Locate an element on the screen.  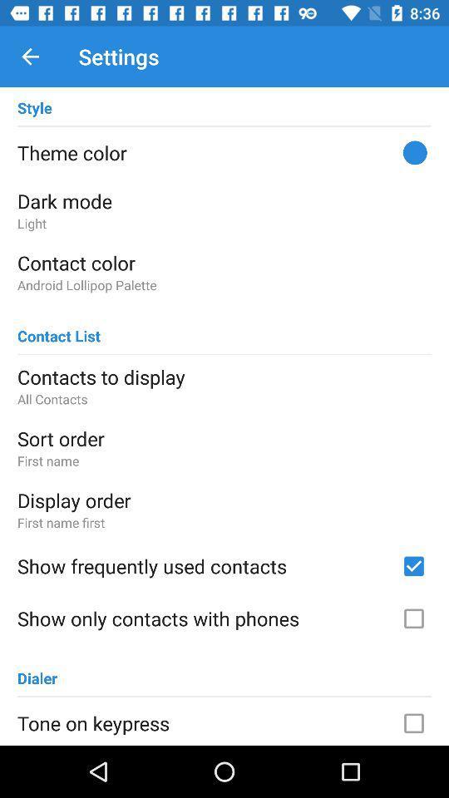
item below the contact color icon is located at coordinates (224, 284).